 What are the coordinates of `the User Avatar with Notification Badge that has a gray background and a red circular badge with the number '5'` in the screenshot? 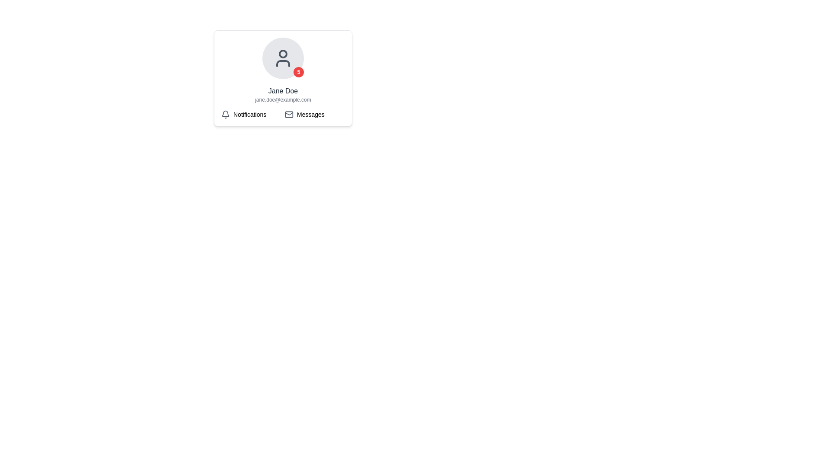 It's located at (283, 58).